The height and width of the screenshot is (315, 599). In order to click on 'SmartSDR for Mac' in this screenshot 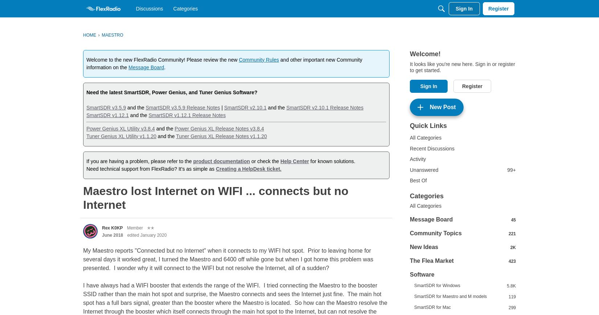, I will do `click(432, 307)`.